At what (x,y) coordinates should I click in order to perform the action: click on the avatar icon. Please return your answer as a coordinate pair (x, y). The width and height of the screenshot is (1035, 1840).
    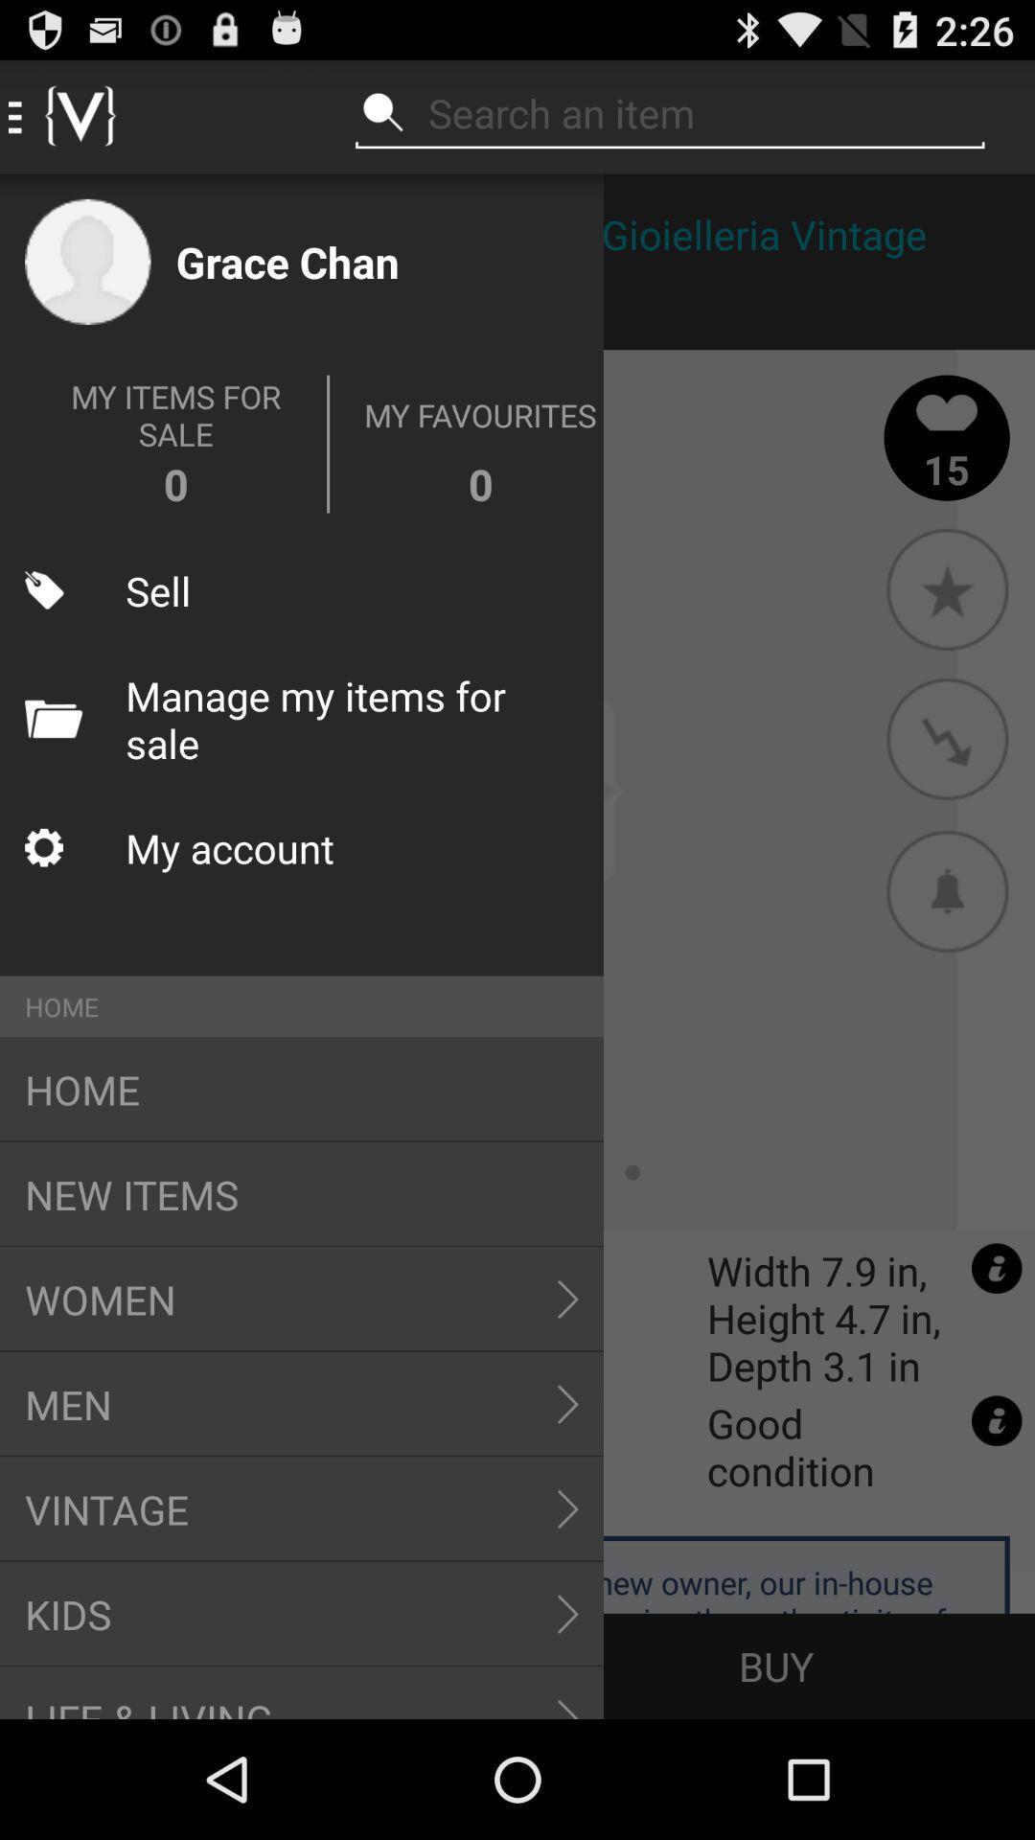
    Looking at the image, I should click on (87, 279).